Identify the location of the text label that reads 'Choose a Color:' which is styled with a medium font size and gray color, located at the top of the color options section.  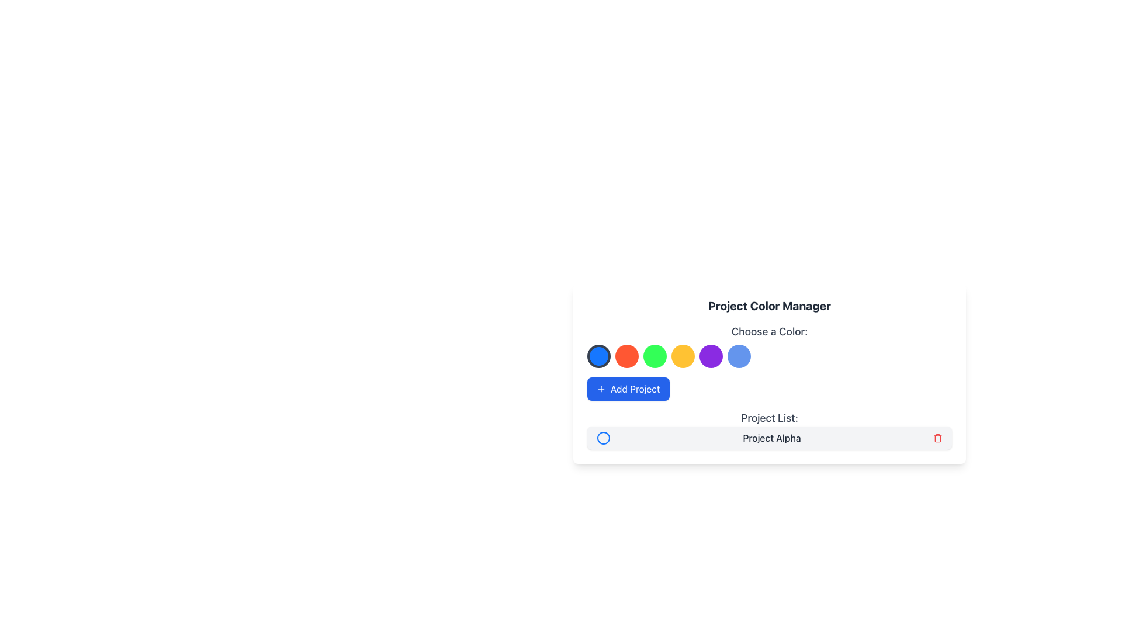
(769, 331).